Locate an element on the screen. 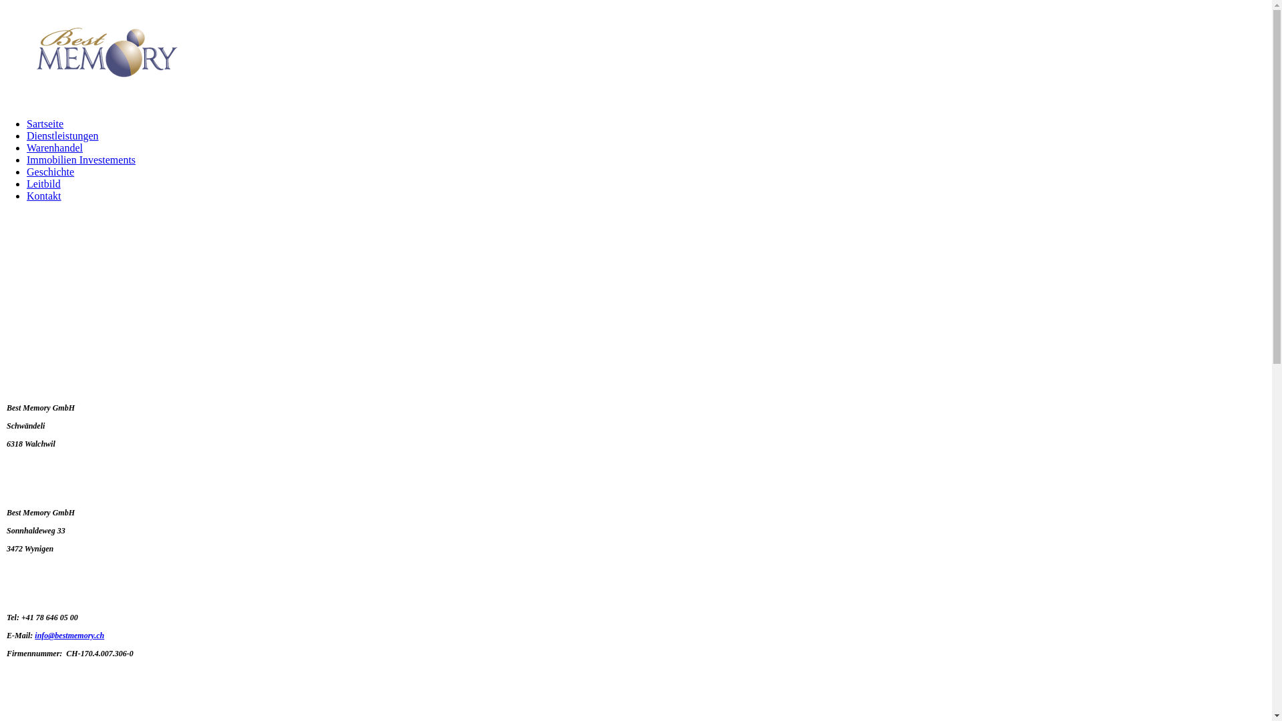 Image resolution: width=1282 pixels, height=721 pixels. 'Leitbild' is located at coordinates (43, 184).